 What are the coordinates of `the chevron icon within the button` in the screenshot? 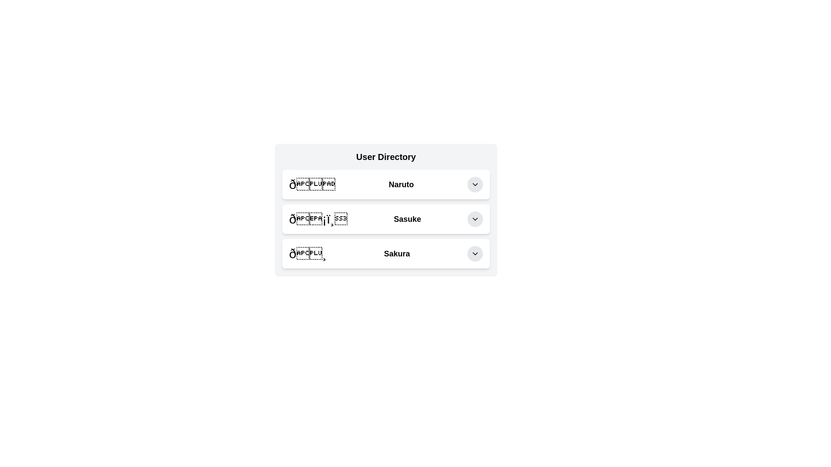 It's located at (475, 218).